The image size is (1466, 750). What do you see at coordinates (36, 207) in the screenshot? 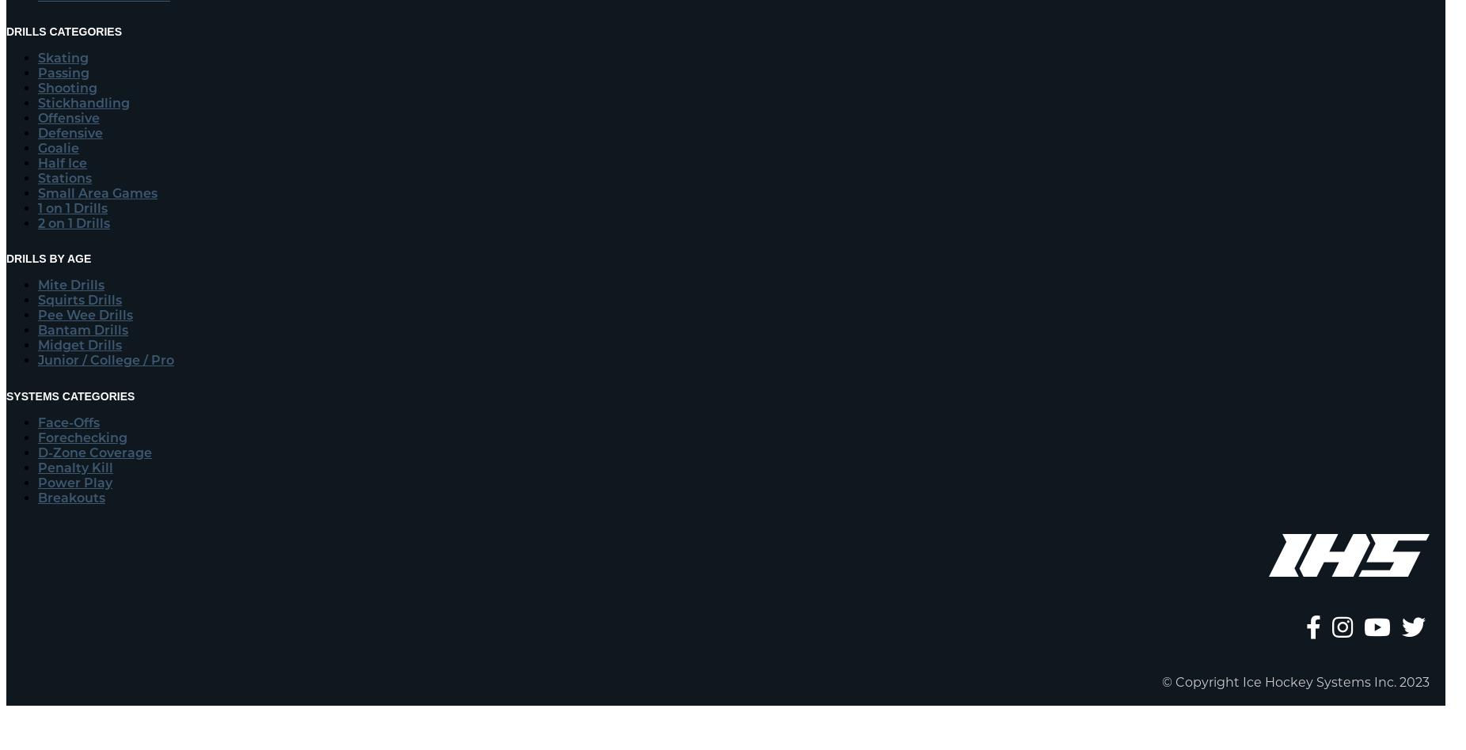
I see `'1 on 1 Drills'` at bounding box center [36, 207].